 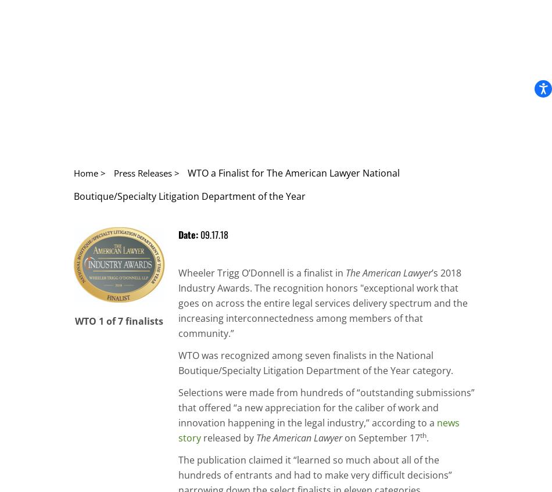 What do you see at coordinates (342, 437) in the screenshot?
I see `'on September 17'` at bounding box center [342, 437].